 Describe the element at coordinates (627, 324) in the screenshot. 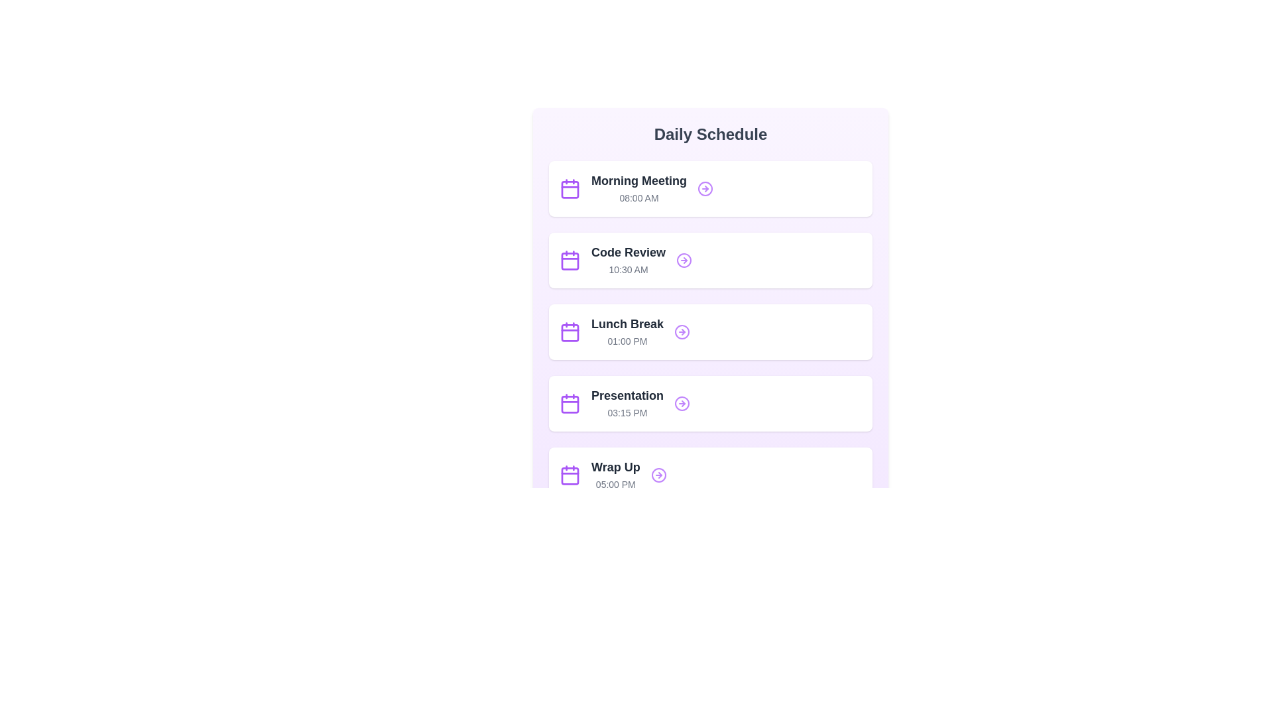

I see `text content of the title label that describes the scheduled activity, which is positioned above the time text '01:00 PM' in the third item of the vertical list of schedule elements` at that location.